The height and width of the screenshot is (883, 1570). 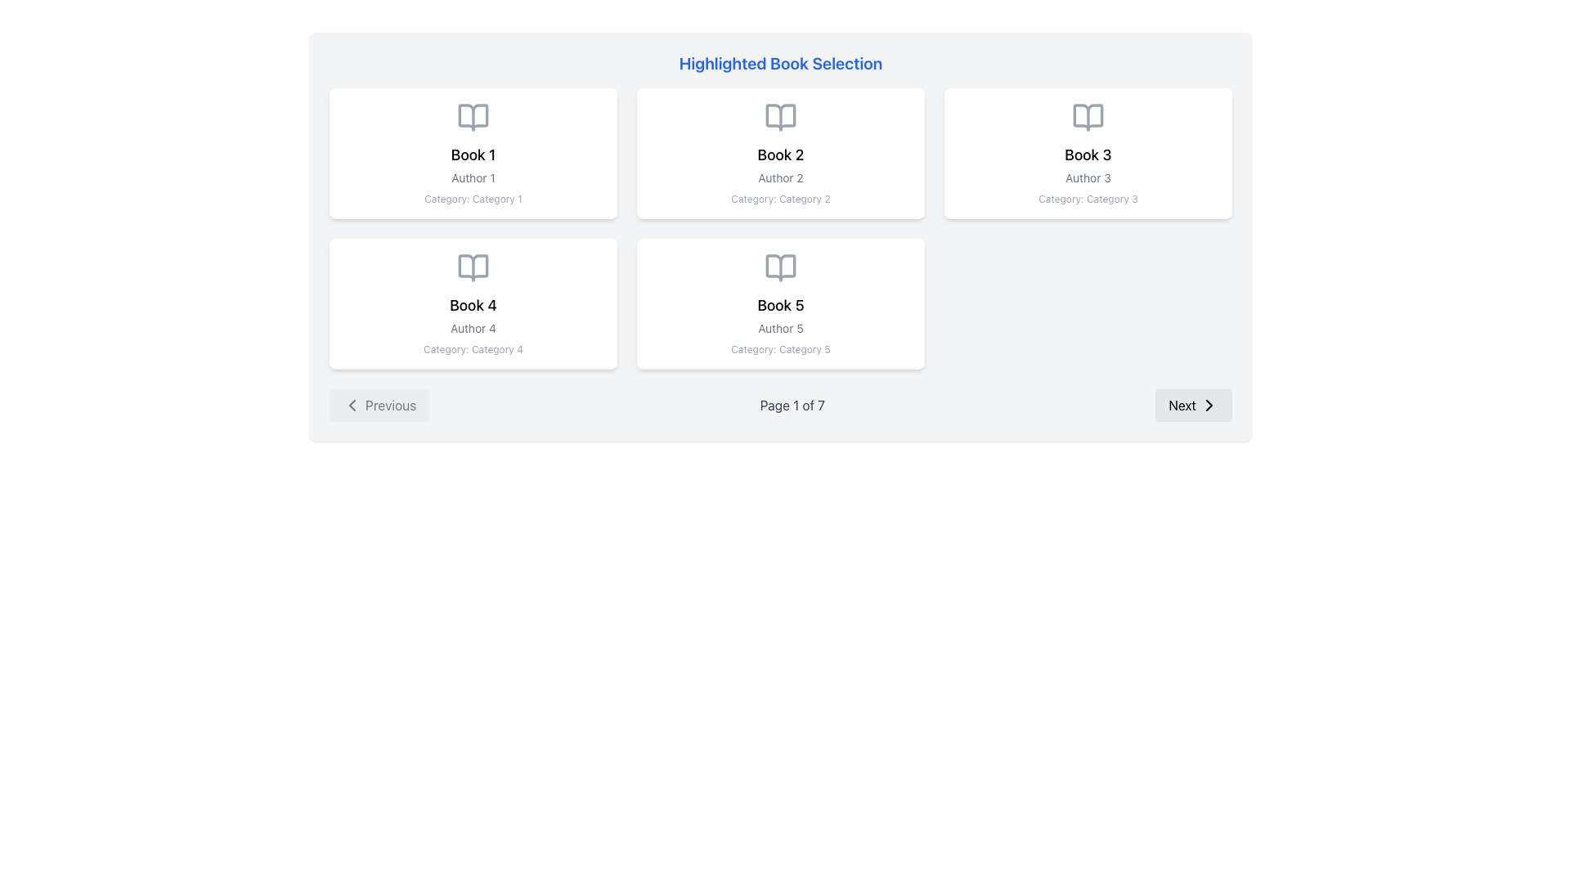 I want to click on the text label displaying 'Category 3' for 'Book 3', so click(x=1088, y=198).